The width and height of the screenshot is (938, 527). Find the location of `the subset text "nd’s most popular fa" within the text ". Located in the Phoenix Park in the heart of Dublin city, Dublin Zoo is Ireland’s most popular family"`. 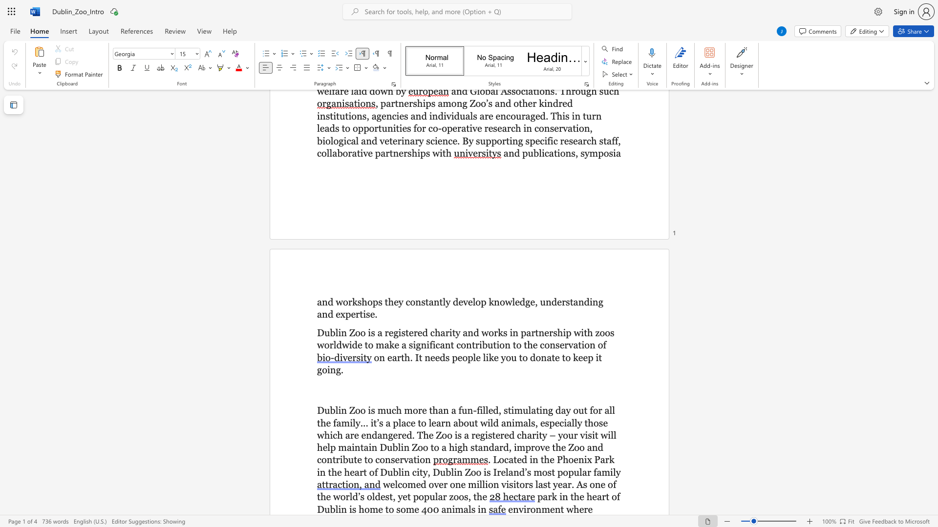

the subset text "nd’s most popular fa" within the text ". Located in the Phoenix Park in the heart of Dublin city, Dublin Zoo is Ireland’s most popular family" is located at coordinates (512, 471).